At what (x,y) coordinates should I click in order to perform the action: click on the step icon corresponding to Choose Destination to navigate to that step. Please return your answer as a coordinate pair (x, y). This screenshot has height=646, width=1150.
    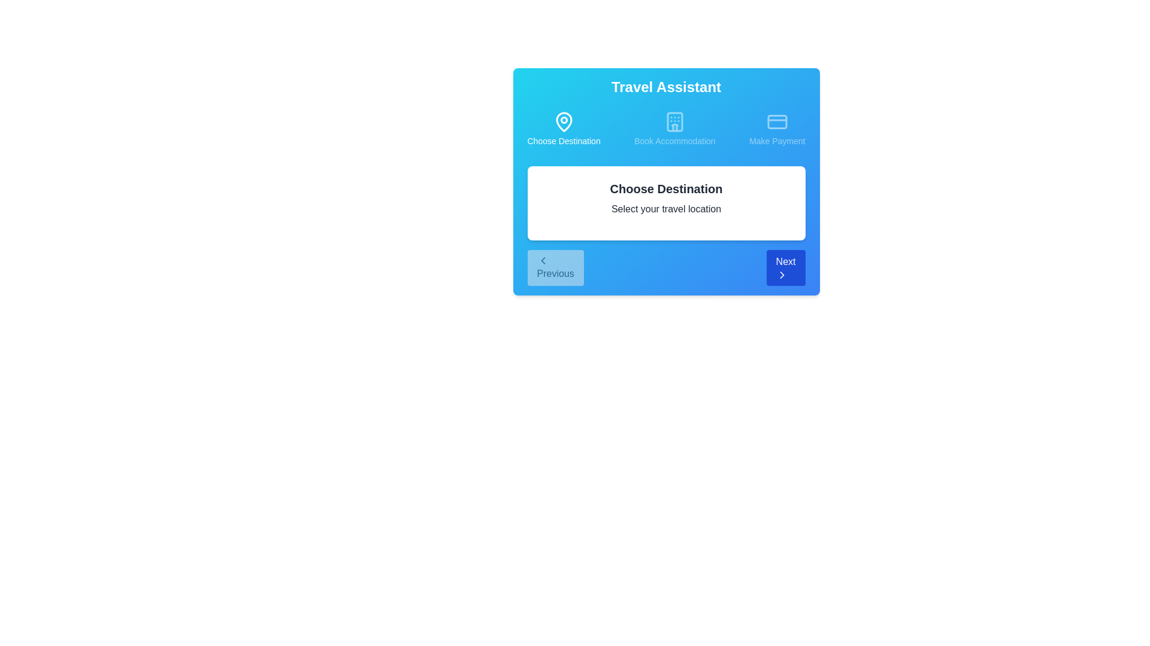
    Looking at the image, I should click on (563, 129).